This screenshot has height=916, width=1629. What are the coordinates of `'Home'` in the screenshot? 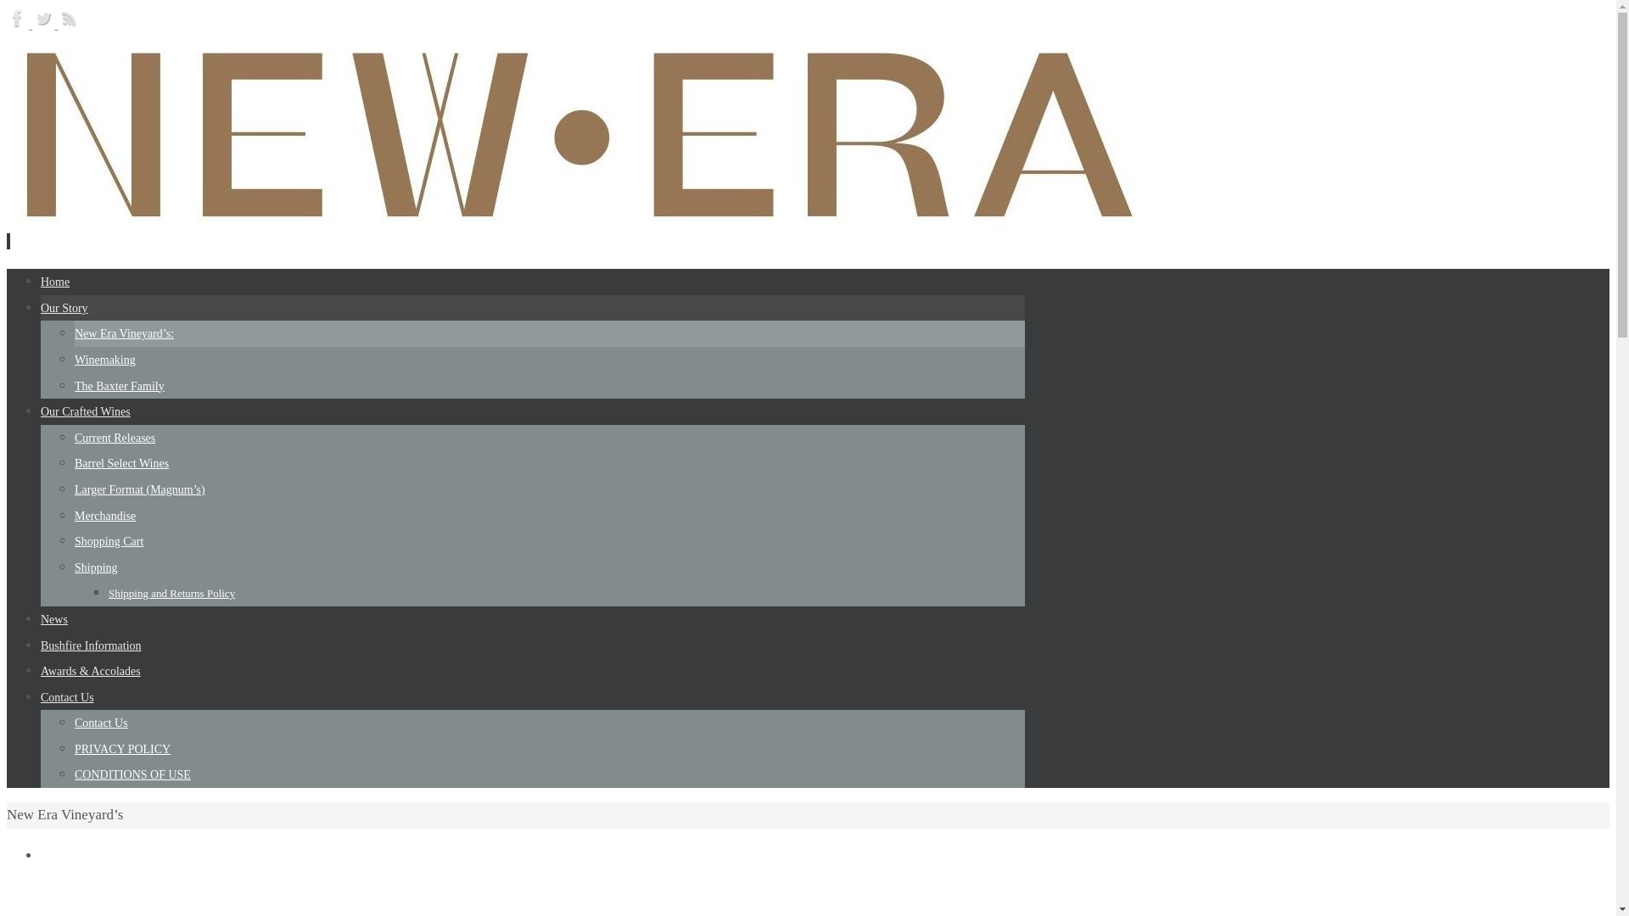 It's located at (55, 281).